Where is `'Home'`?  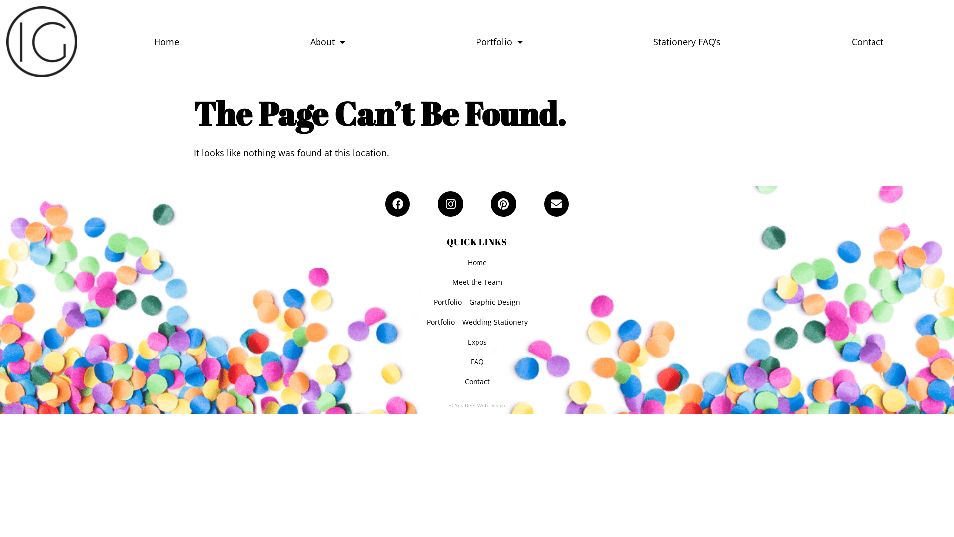 'Home' is located at coordinates (4, 262).